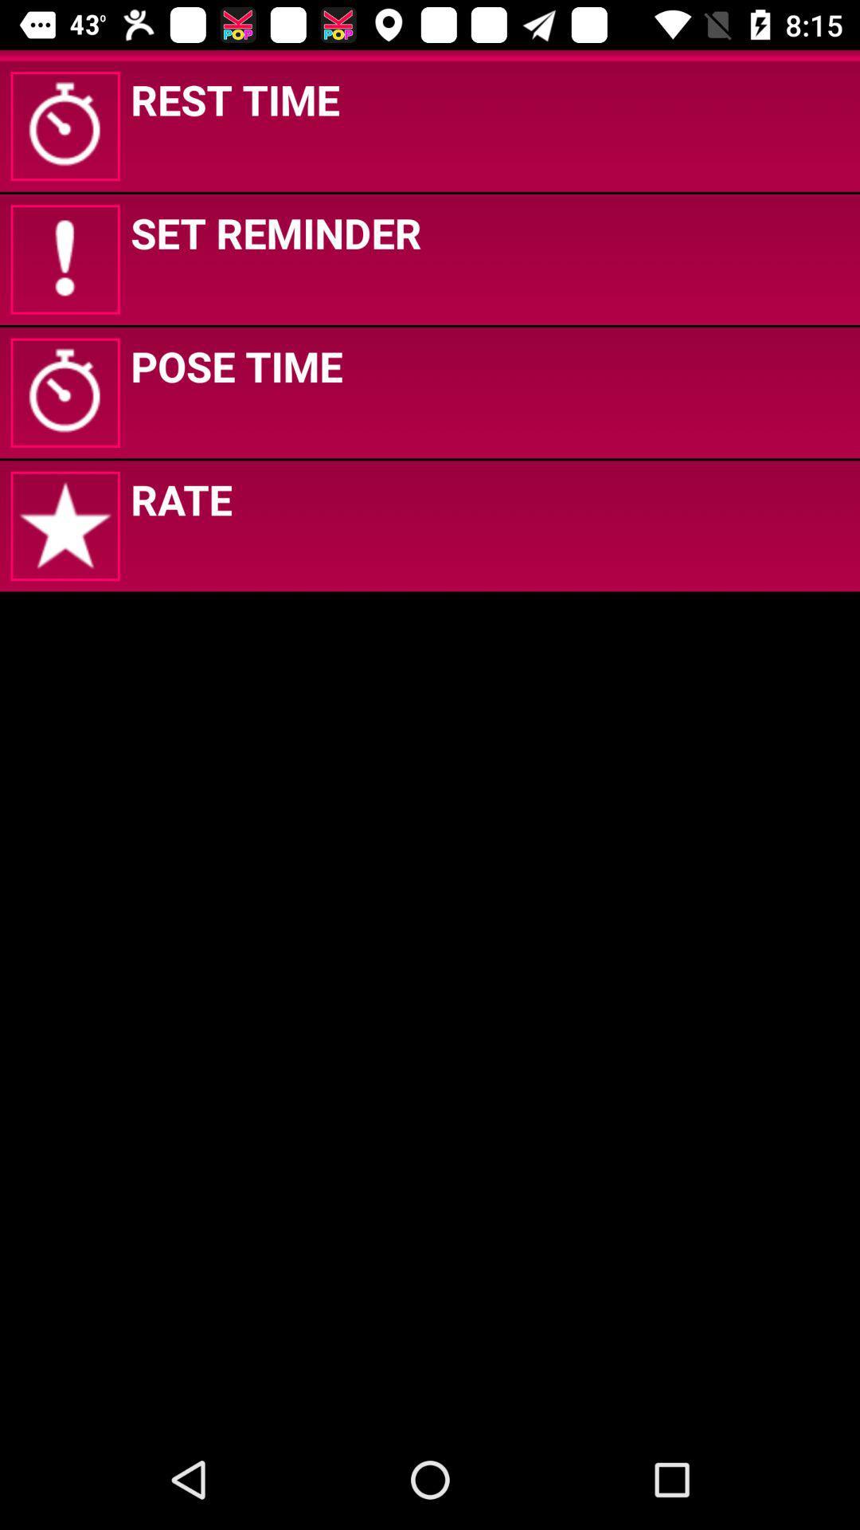  I want to click on item above rate app, so click(236, 365).